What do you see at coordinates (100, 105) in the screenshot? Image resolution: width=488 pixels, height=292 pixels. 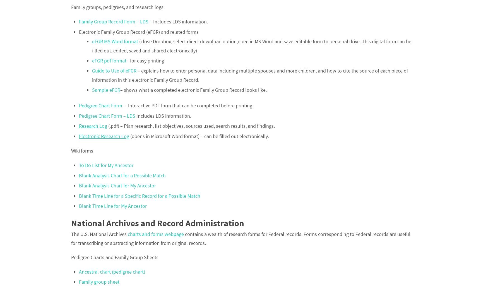 I see `'Pedigree Chart Form'` at bounding box center [100, 105].